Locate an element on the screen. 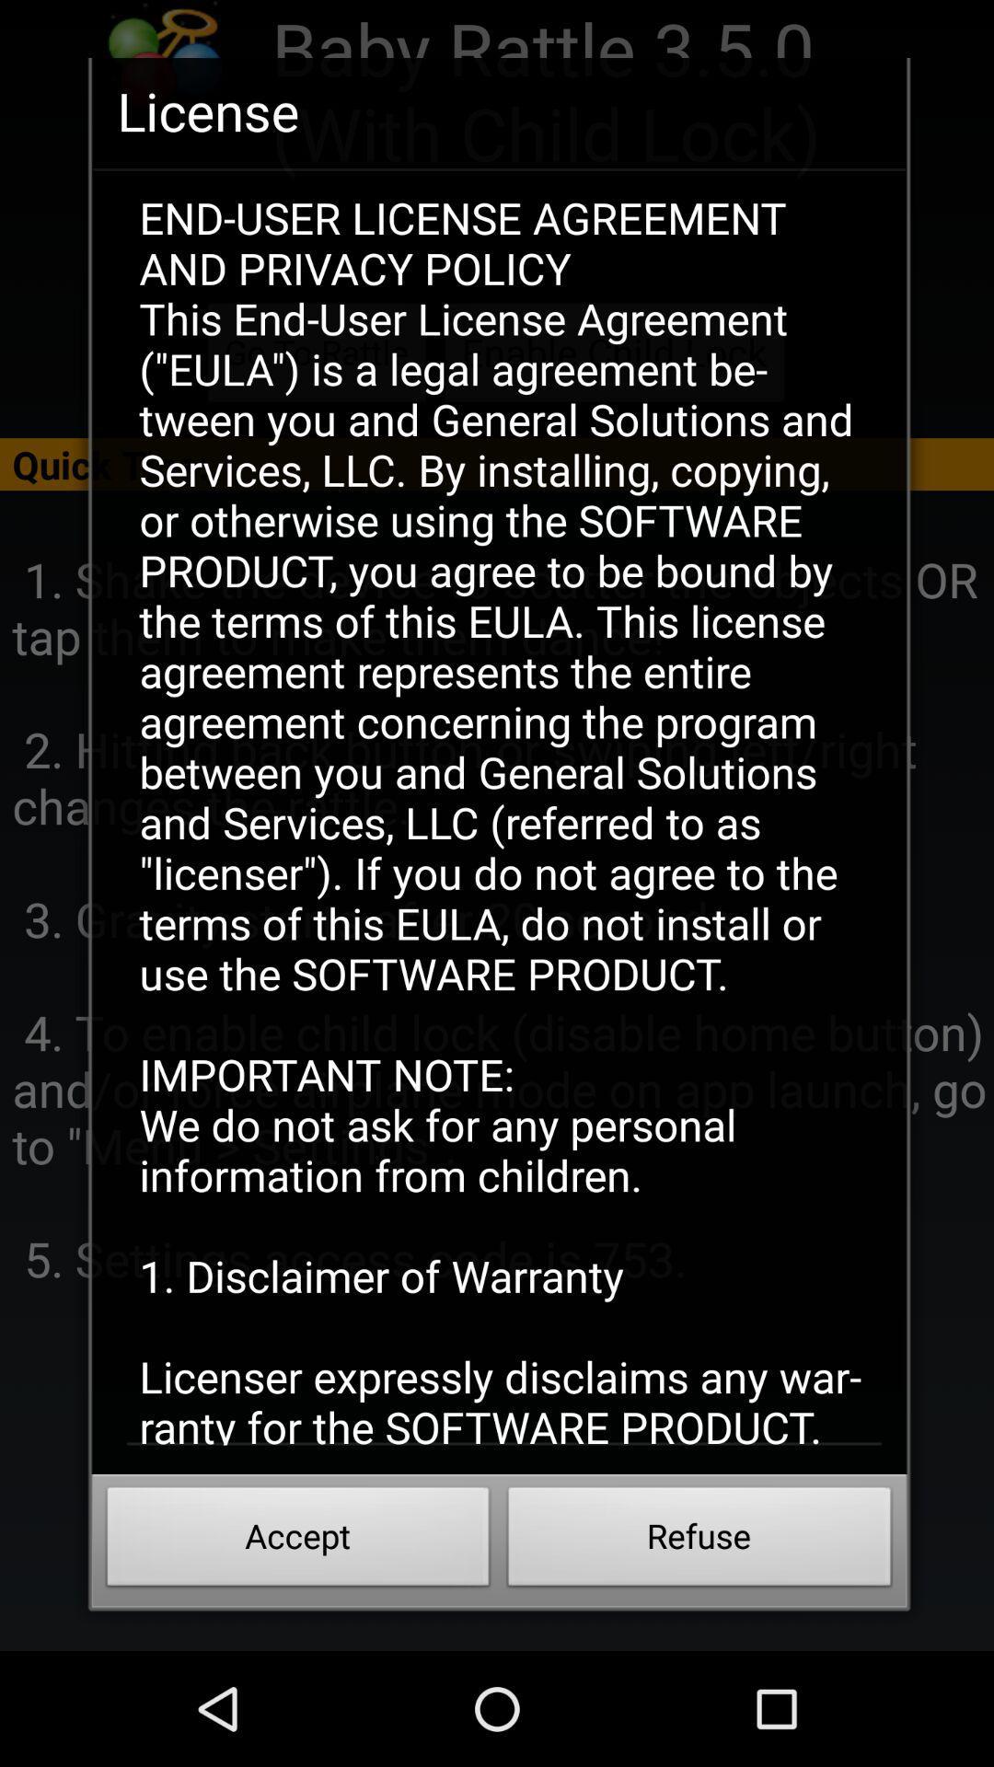  refuse at the bottom right corner is located at coordinates (699, 1542).